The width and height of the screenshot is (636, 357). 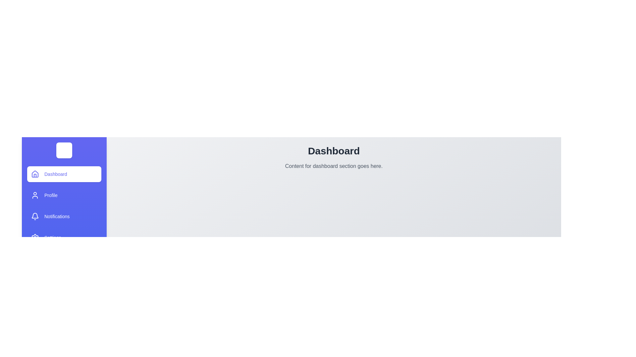 I want to click on the drawer item labeled Notifications to view its hover effect, so click(x=64, y=217).